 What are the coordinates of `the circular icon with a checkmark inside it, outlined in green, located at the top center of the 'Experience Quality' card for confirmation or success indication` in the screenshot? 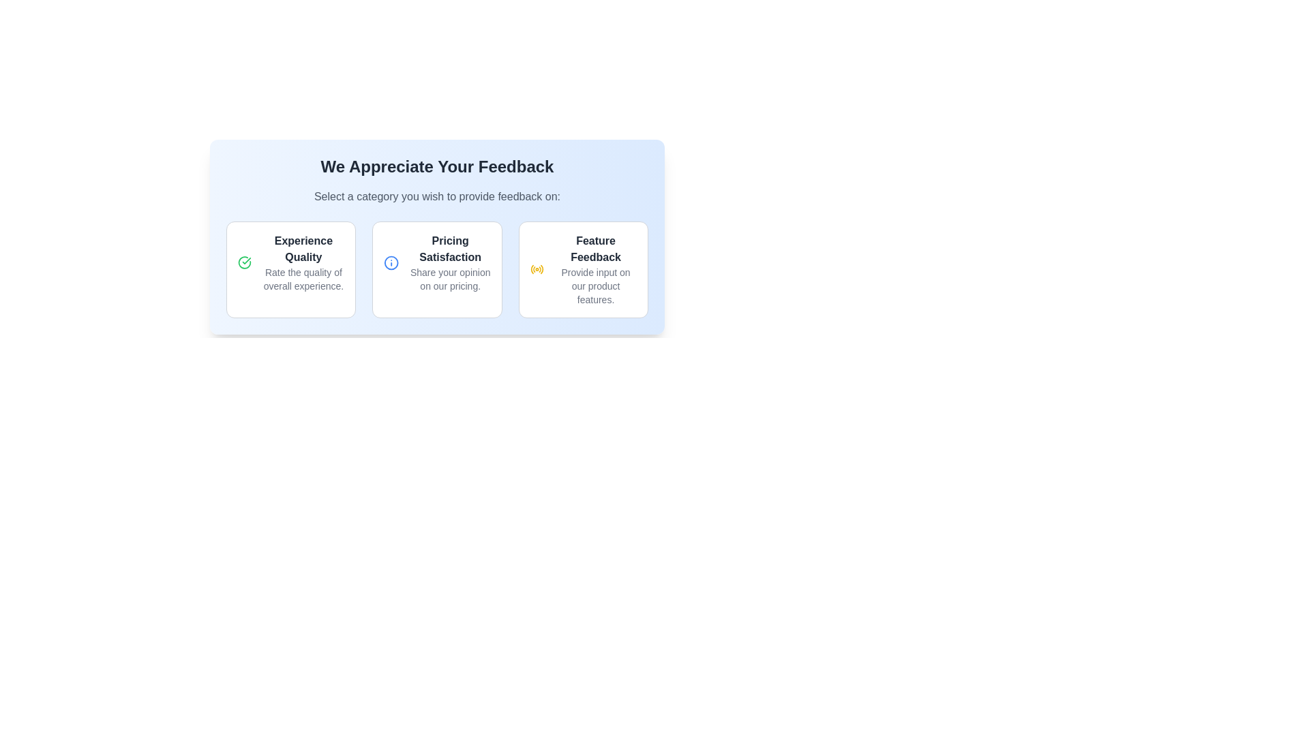 It's located at (245, 262).